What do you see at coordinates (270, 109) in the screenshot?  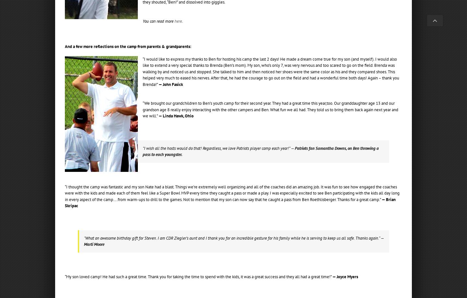 I see `'“We brought our grandchildren to Ben’s youth camp for their second year. They had a great time this year,too. Our granddaughter age 13 and our grandson age 8 really enjoy interacting with the other campers and Ben. What fun we all had. They told us to bring them back again next year and we will.”'` at bounding box center [270, 109].